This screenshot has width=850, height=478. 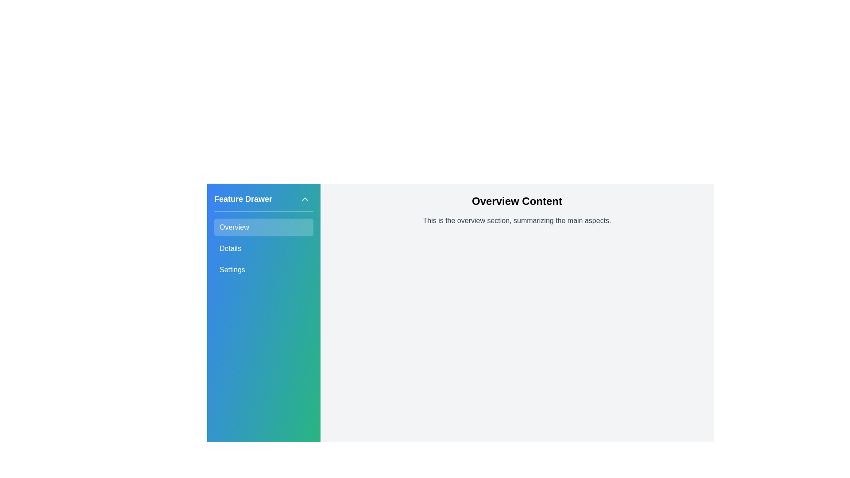 I want to click on the toggle button to expand or collapse the drawer, so click(x=305, y=199).